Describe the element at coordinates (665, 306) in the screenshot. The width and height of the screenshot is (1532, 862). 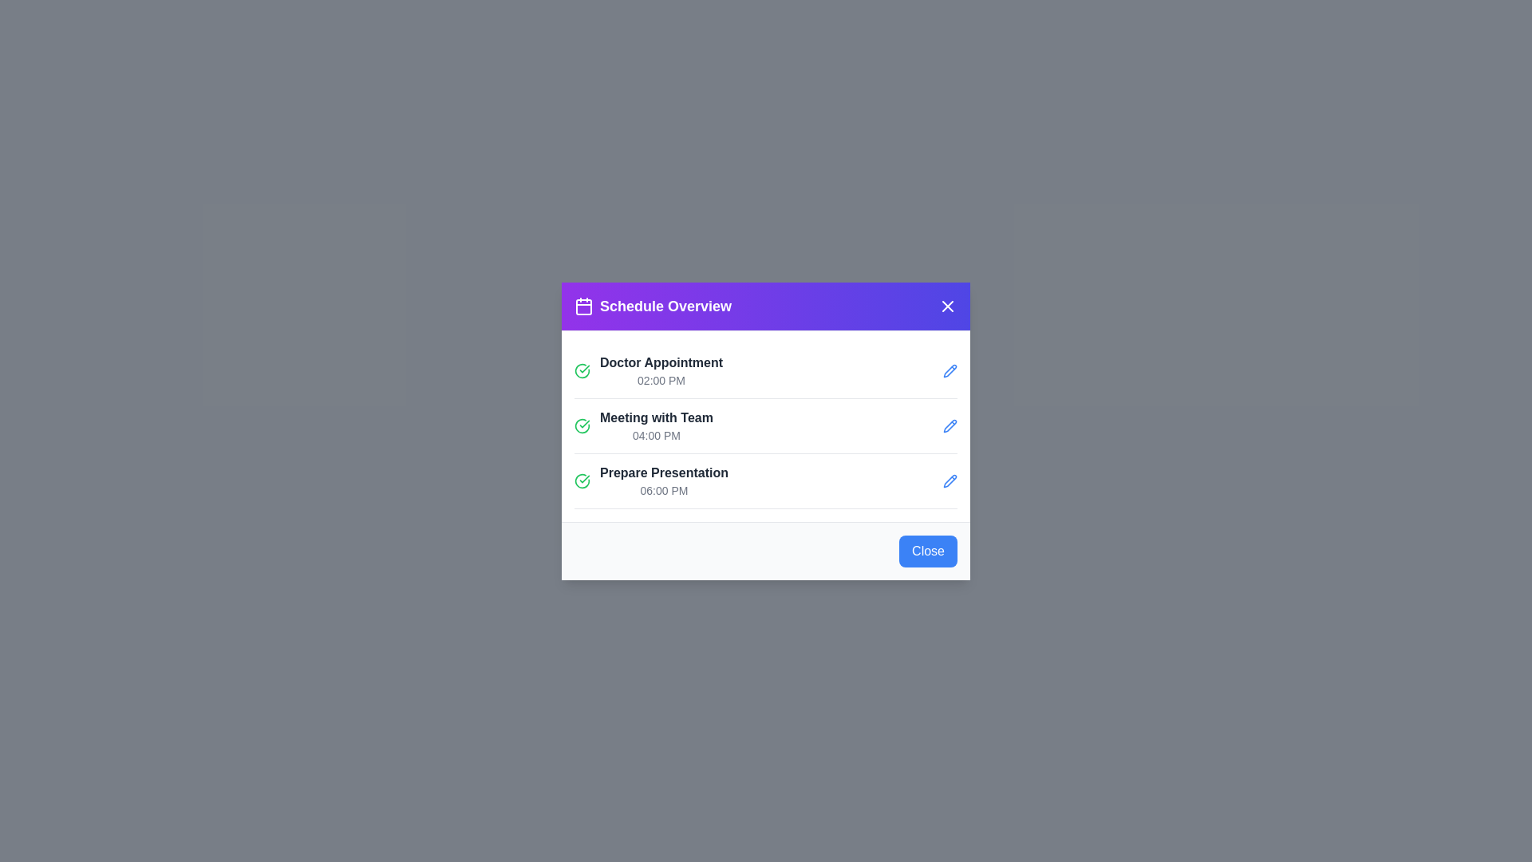
I see `the bold text label reading 'Schedule Overview' located in the purple header bar of the modal dialog` at that location.